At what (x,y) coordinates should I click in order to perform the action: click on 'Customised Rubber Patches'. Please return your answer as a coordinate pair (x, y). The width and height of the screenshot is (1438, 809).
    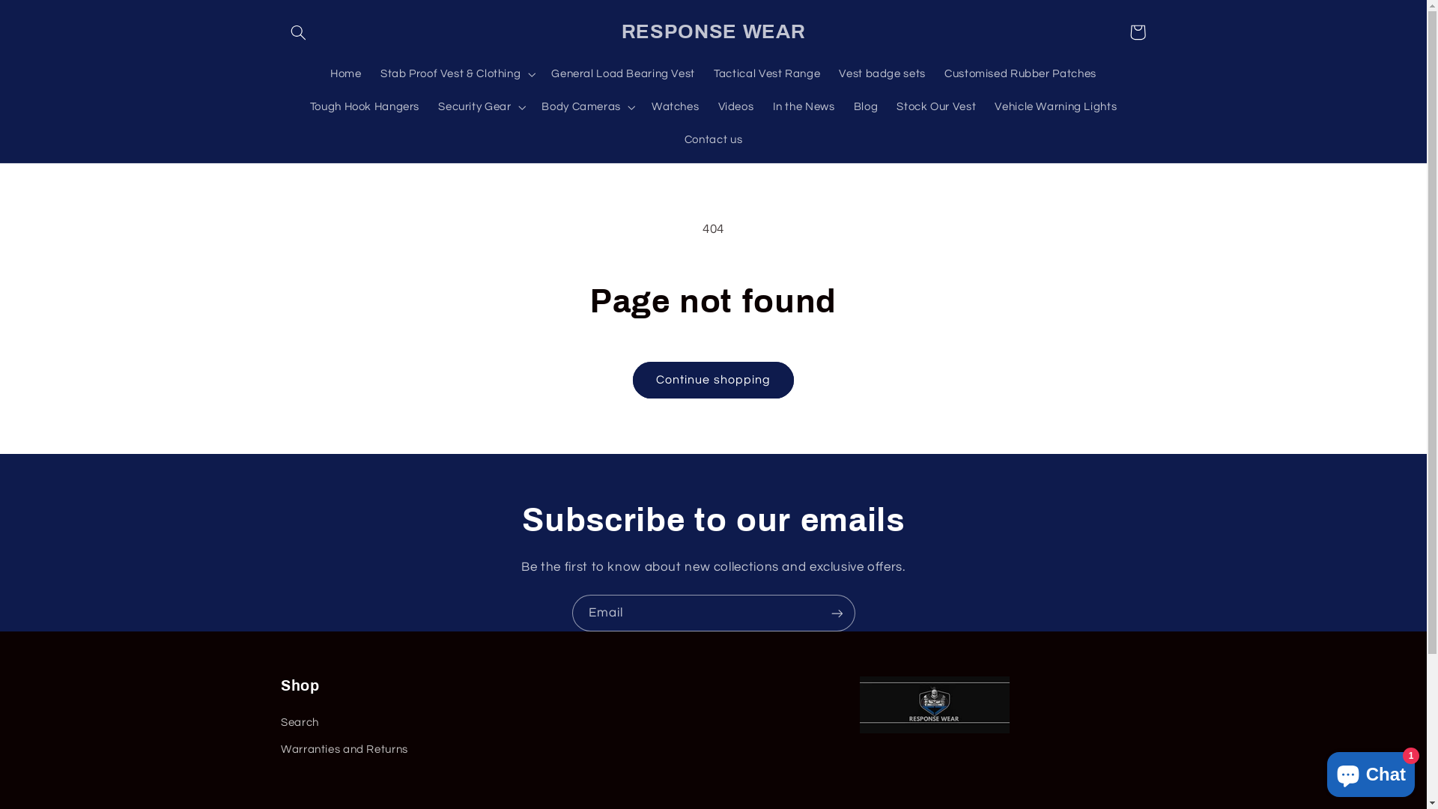
    Looking at the image, I should click on (934, 74).